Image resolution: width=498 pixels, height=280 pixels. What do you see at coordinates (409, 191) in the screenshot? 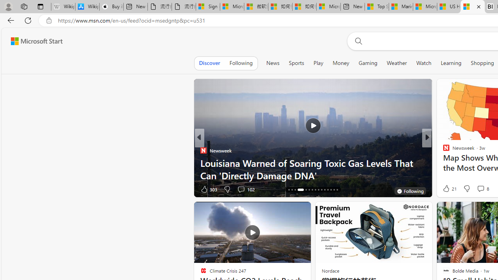
I see `'You'` at bounding box center [409, 191].